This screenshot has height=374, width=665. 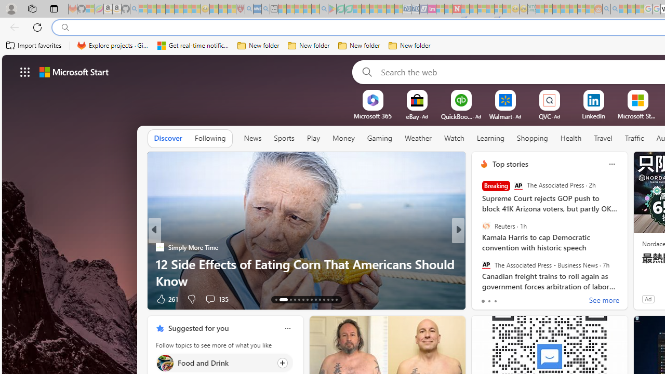 I want to click on 'Body Network', so click(x=479, y=247).